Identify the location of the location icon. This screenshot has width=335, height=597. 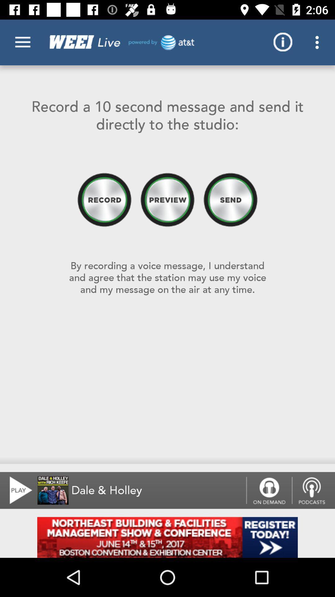
(313, 490).